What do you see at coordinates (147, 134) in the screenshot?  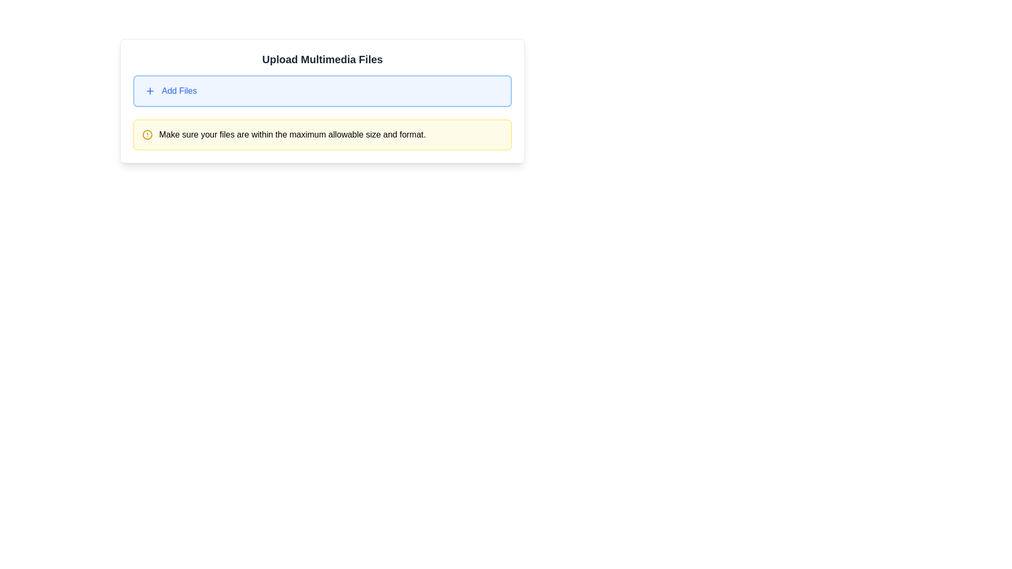 I see `the circular warning icon with a yellow border containing an exclamation mark, located on the leftmost side of the yellow alert box below the 'Add Files' button` at bounding box center [147, 134].